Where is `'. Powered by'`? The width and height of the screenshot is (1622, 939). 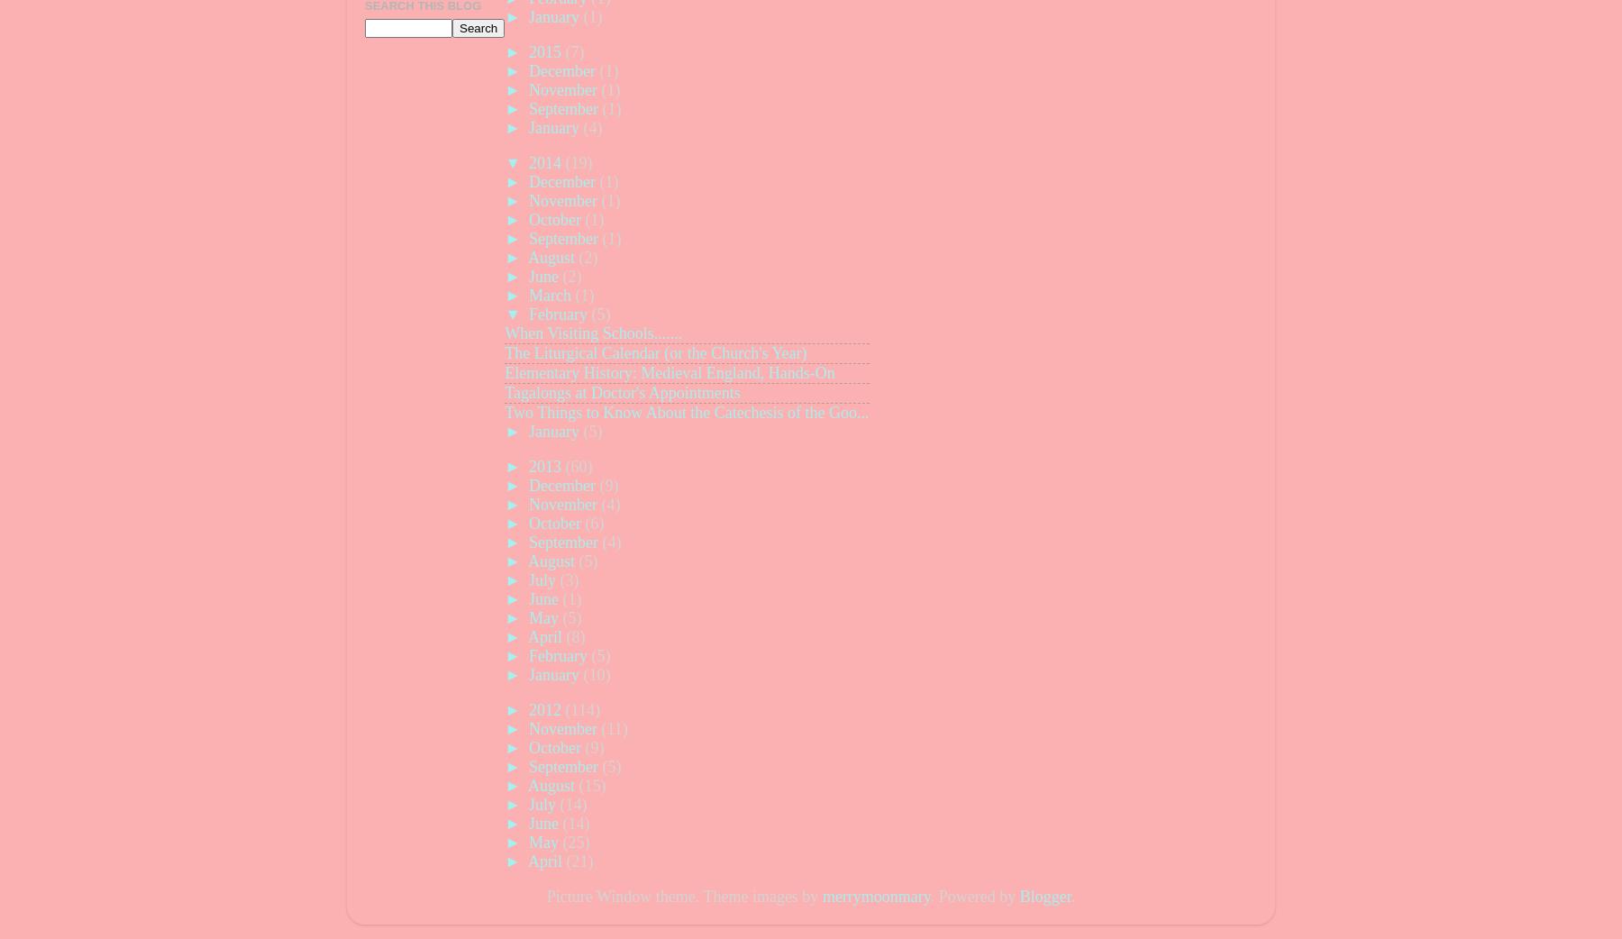
'. Powered by' is located at coordinates (929, 897).